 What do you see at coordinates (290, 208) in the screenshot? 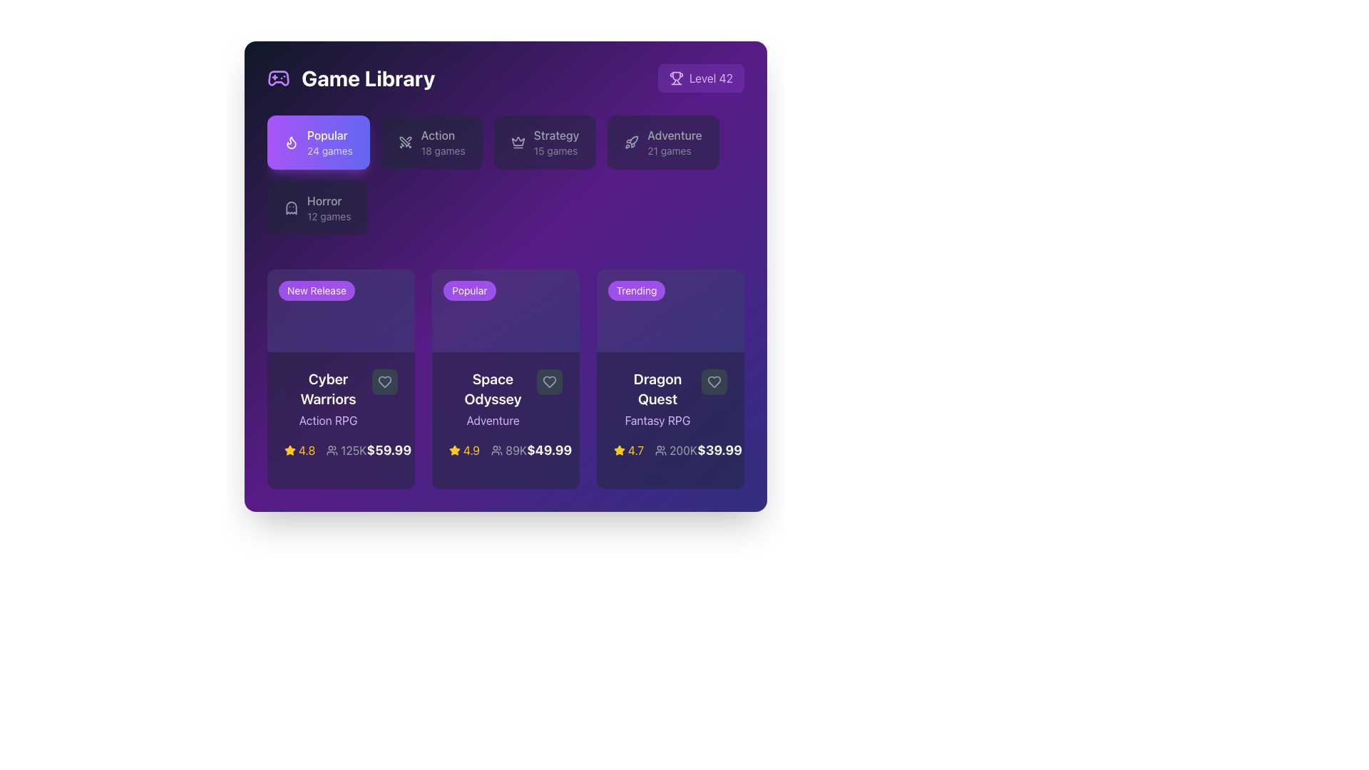
I see `the ghost-shaped vector icon located in the upper left section of the interface, adjacent to the 'Horror' category` at bounding box center [290, 208].